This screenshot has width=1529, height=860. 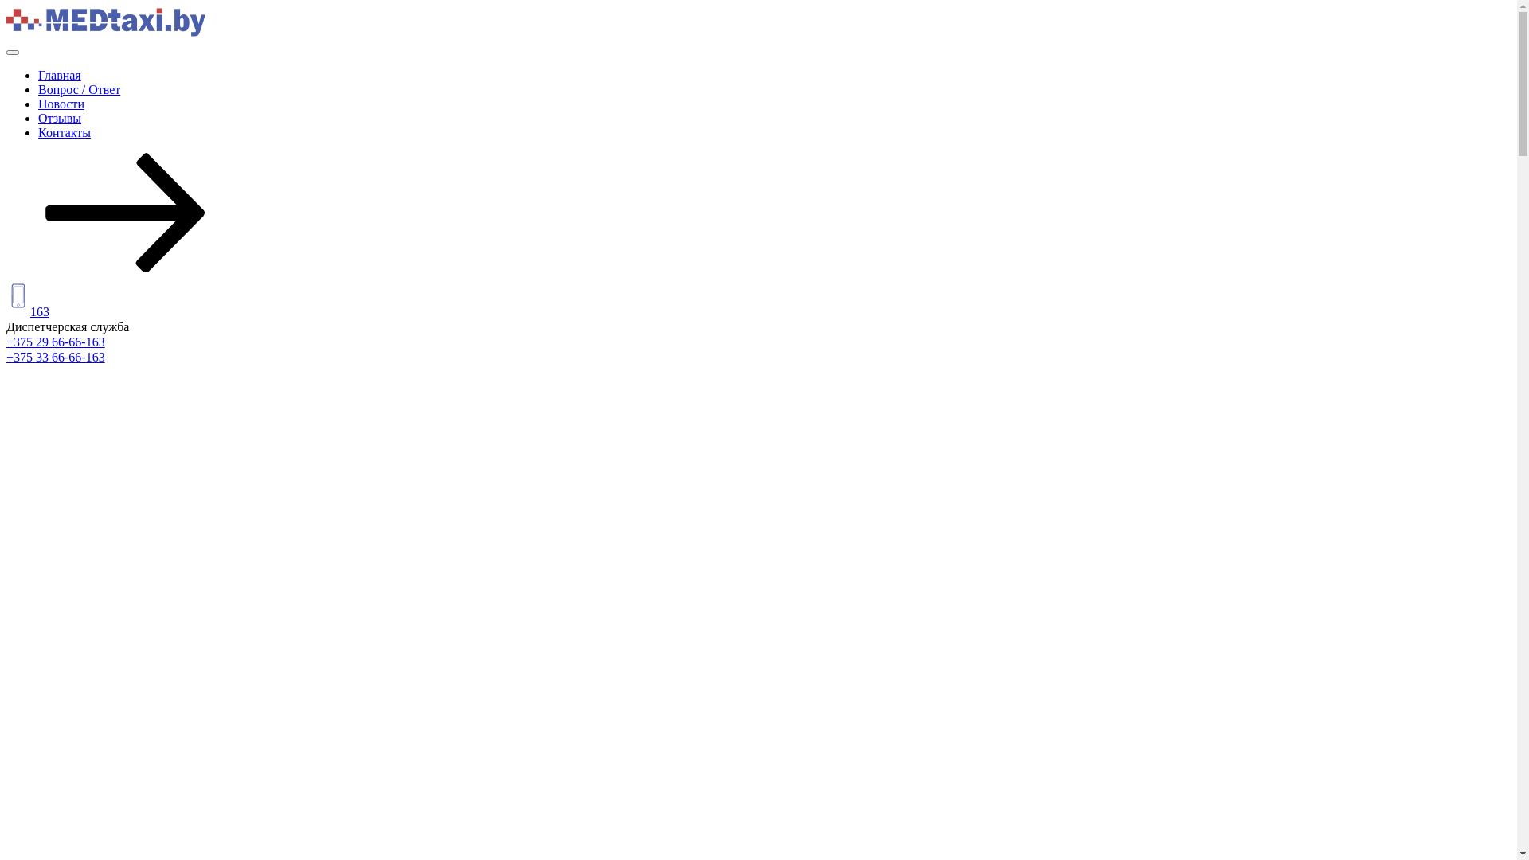 What do you see at coordinates (56, 341) in the screenshot?
I see `'+375 29 66-66-163'` at bounding box center [56, 341].